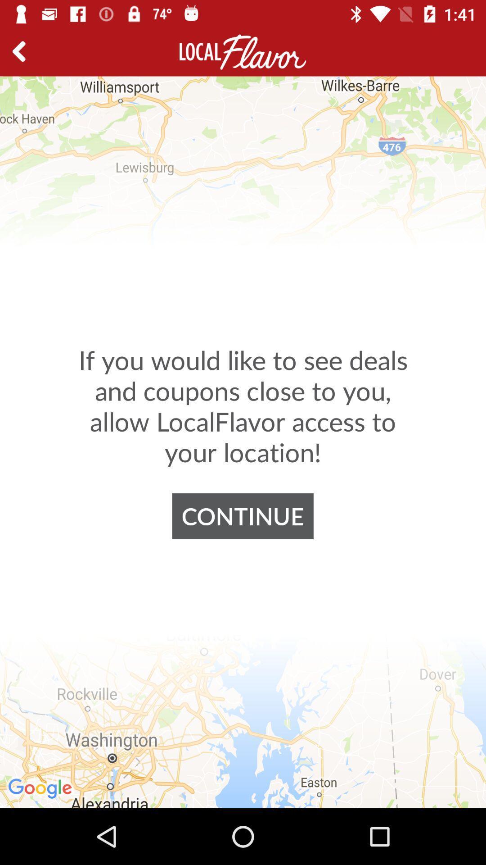  What do you see at coordinates (242, 516) in the screenshot?
I see `the continue` at bounding box center [242, 516].